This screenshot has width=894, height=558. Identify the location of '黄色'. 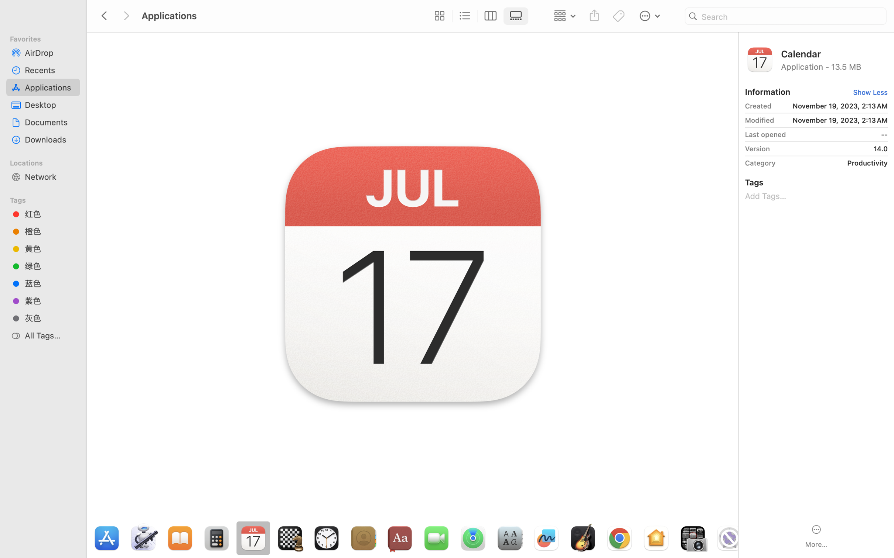
(50, 248).